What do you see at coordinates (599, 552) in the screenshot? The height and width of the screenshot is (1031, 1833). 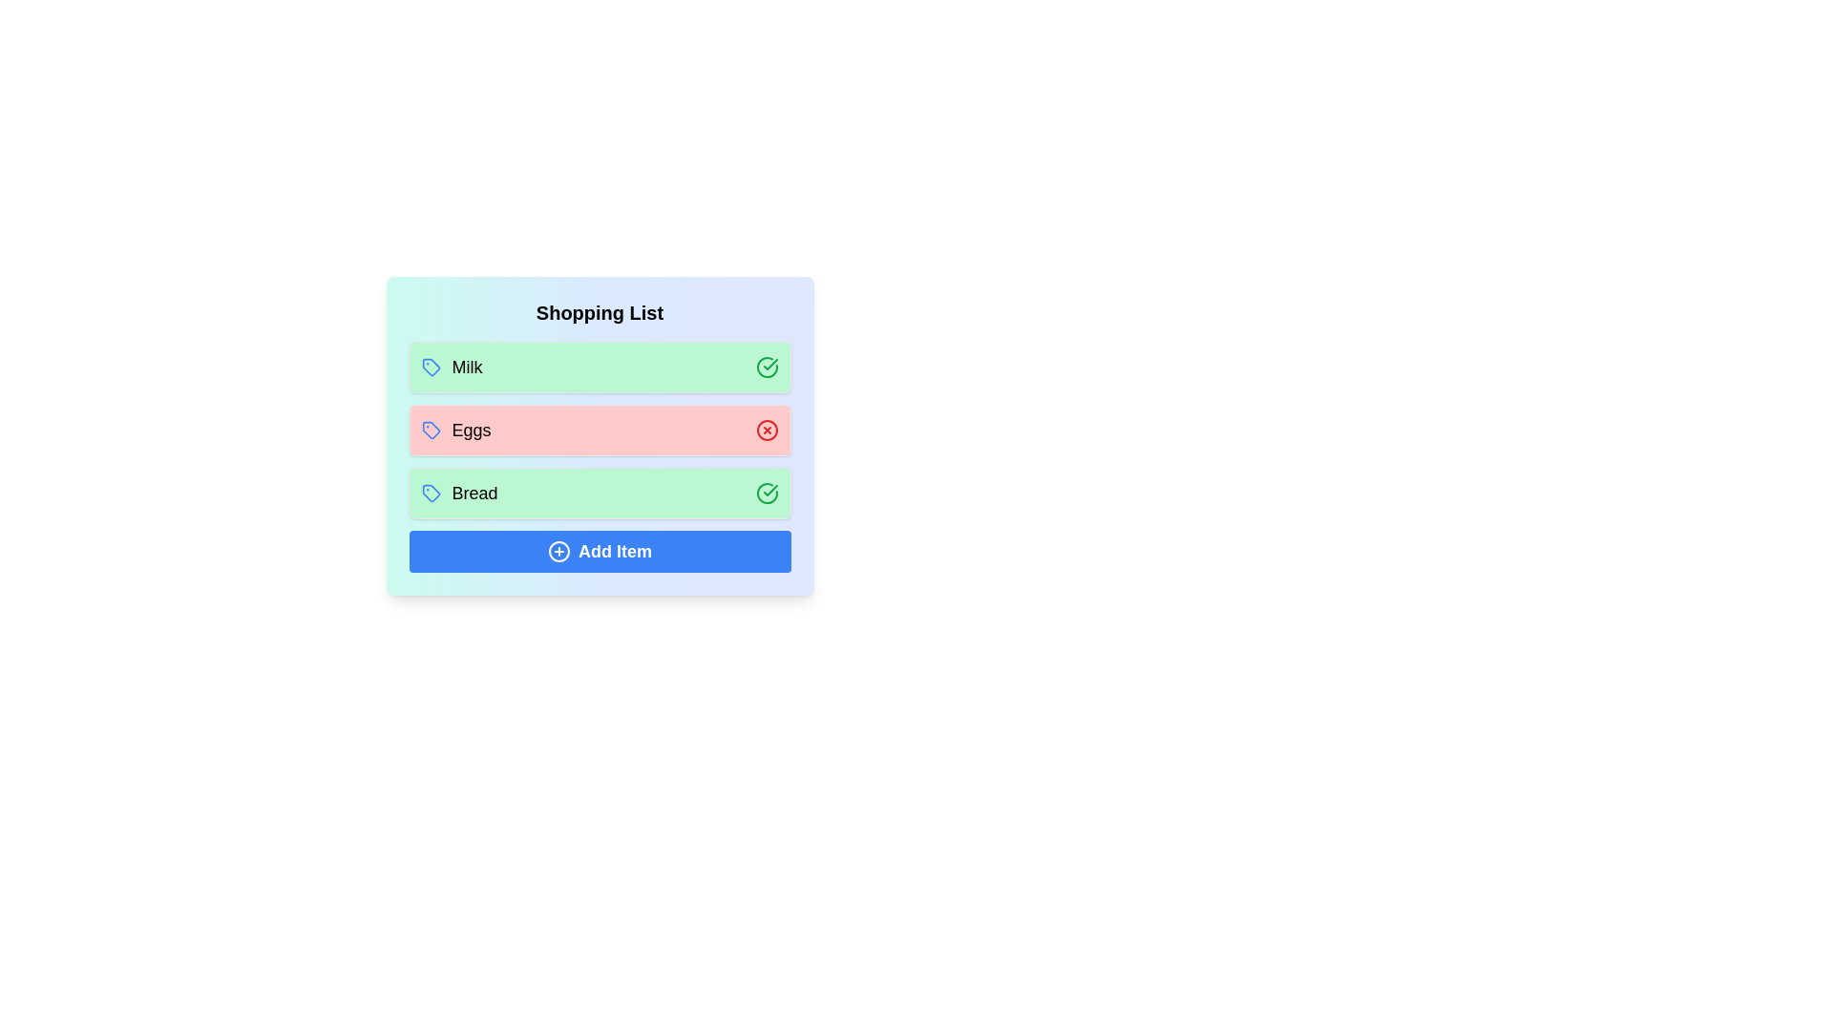 I see `the 'Add Item' button to add a new item to the shopping list` at bounding box center [599, 552].